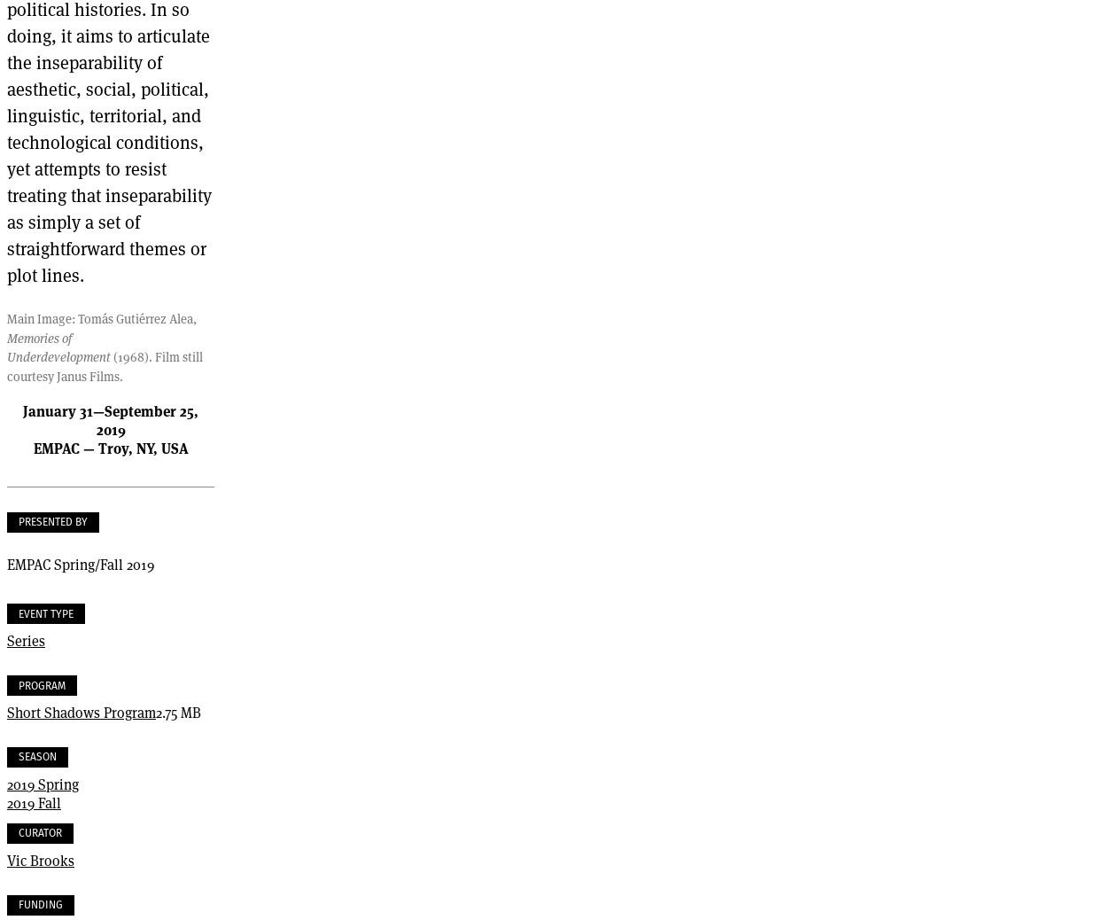  I want to click on 'EMPAC Spring/Fall 2019', so click(79, 563).